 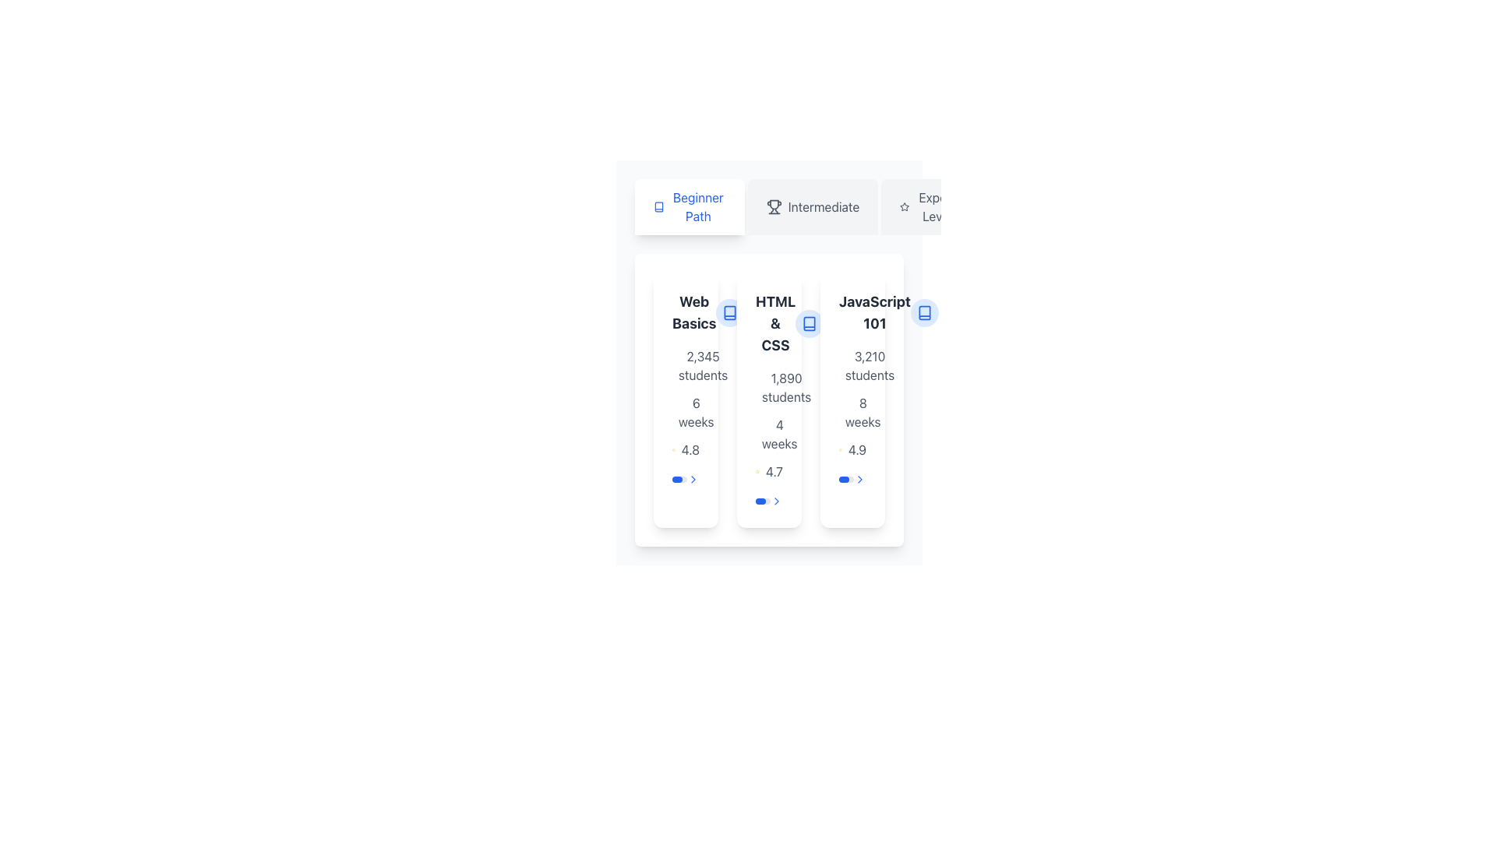 I want to click on the Text Label that displays the number of students enrolled in the associated course, located beneath the 'Web Basics' title and above other course metadata, so click(x=702, y=366).